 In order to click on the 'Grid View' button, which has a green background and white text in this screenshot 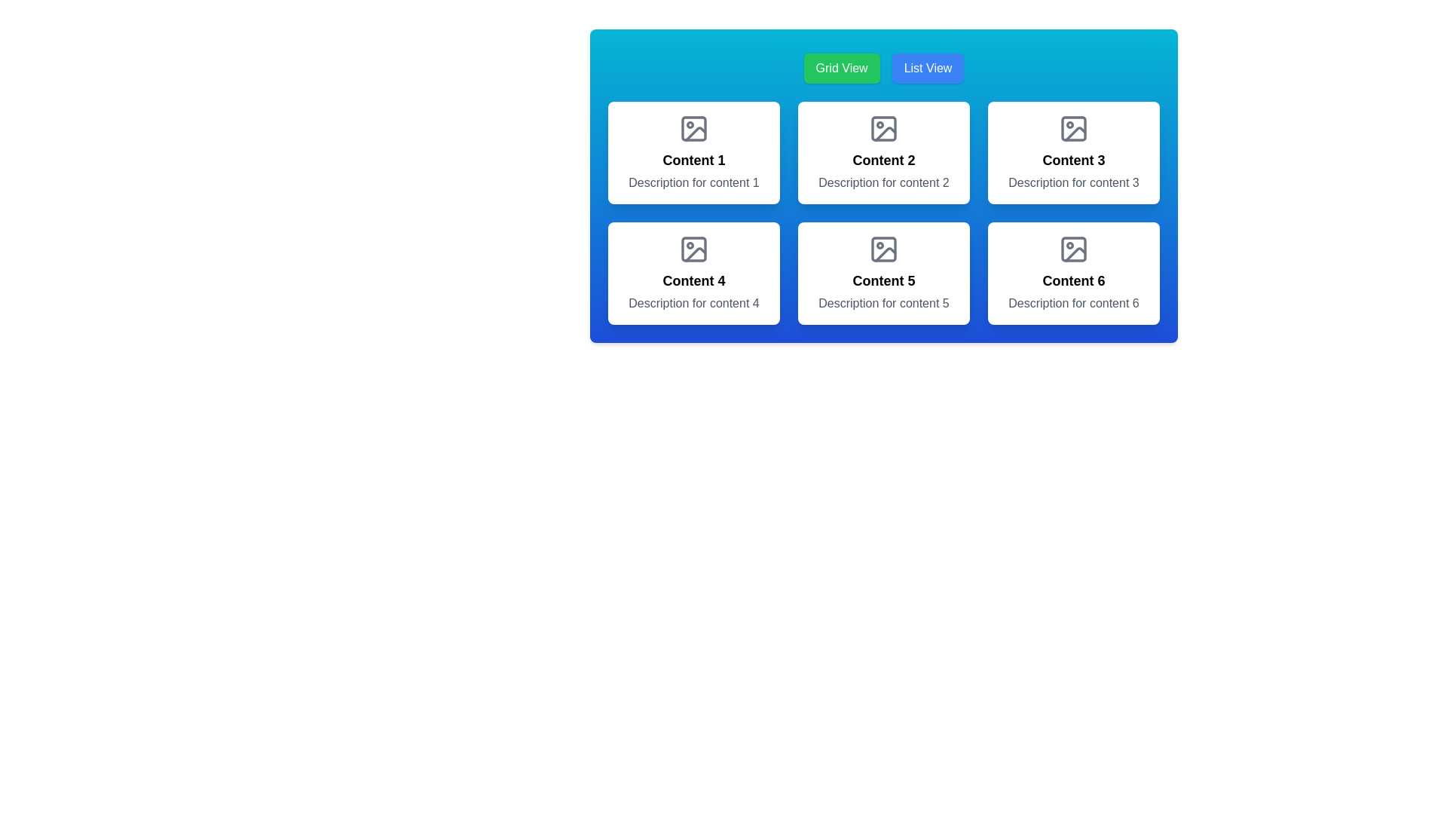, I will do `click(841, 69)`.